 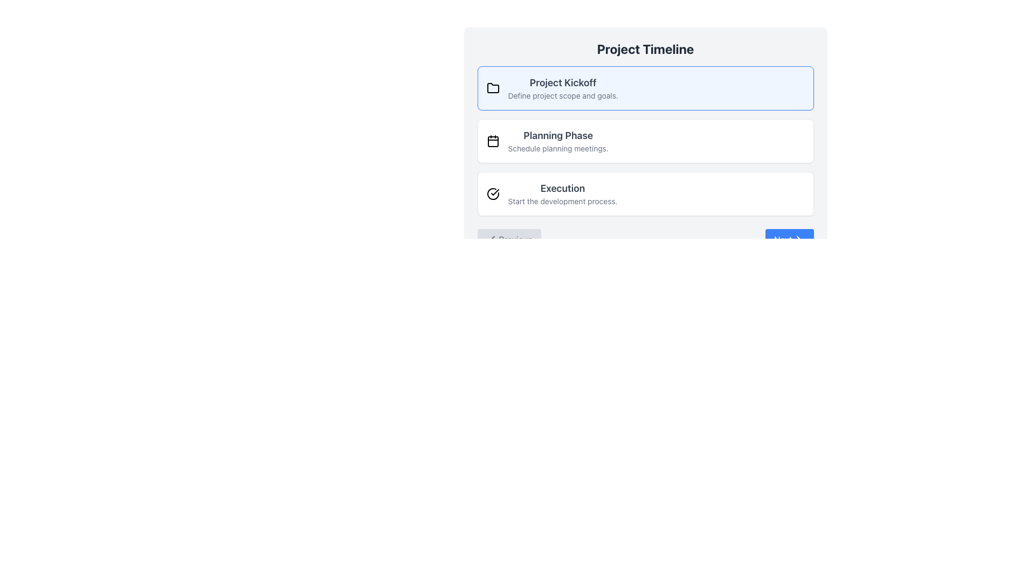 What do you see at coordinates (492, 141) in the screenshot?
I see `the inner rectangle of the calendar icon representing the 'Planning Phase' option in the 'Project Timeline' list` at bounding box center [492, 141].